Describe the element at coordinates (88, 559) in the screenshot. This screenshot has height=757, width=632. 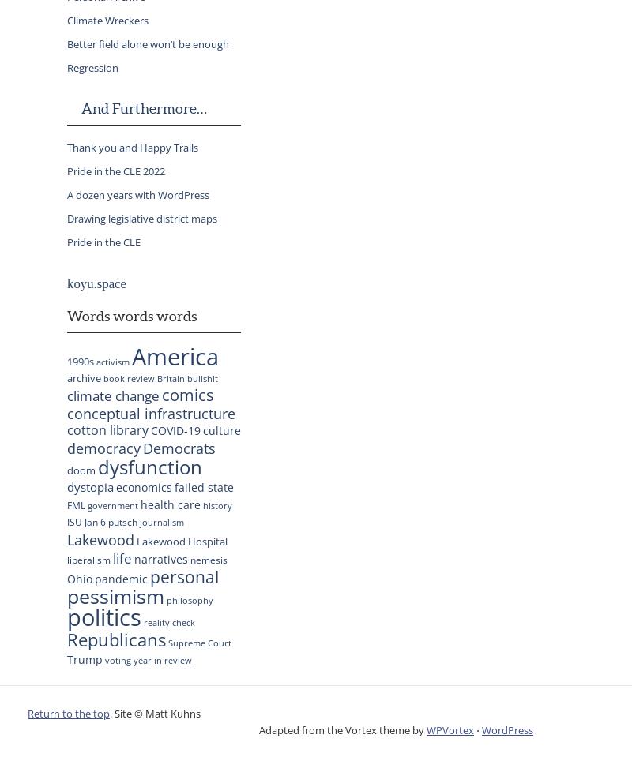
I see `'liberalism'` at that location.